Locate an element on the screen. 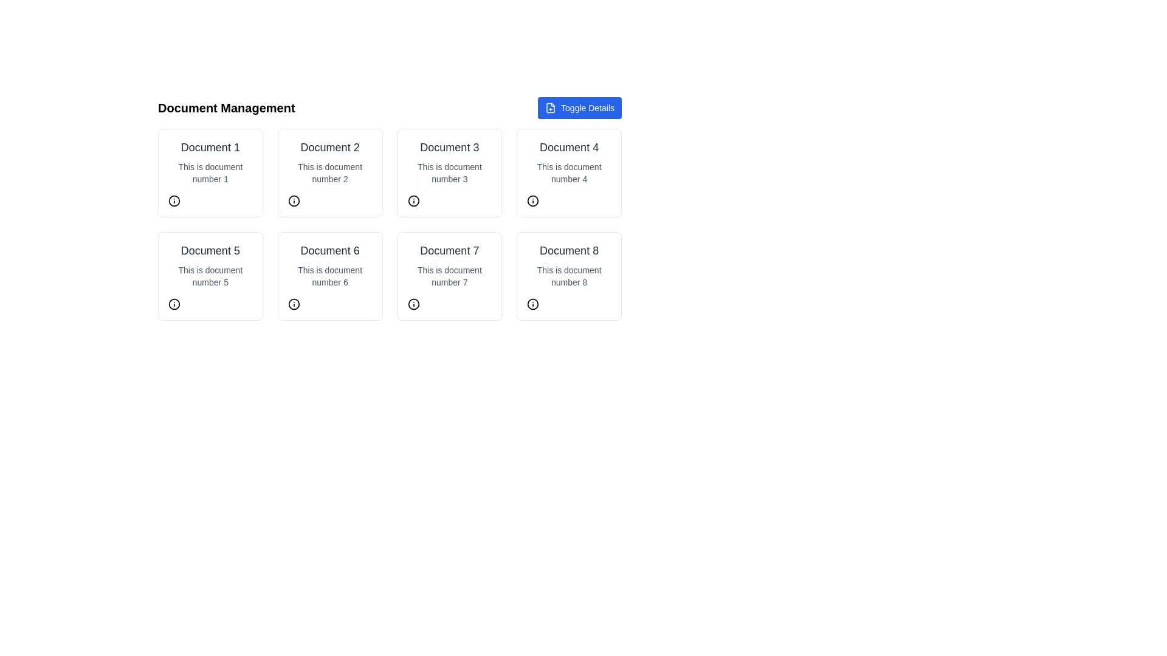 This screenshot has height=656, width=1167. the header text label for Document 4, which is located in the first row, fourth column of the grid layout is located at coordinates (568, 147).